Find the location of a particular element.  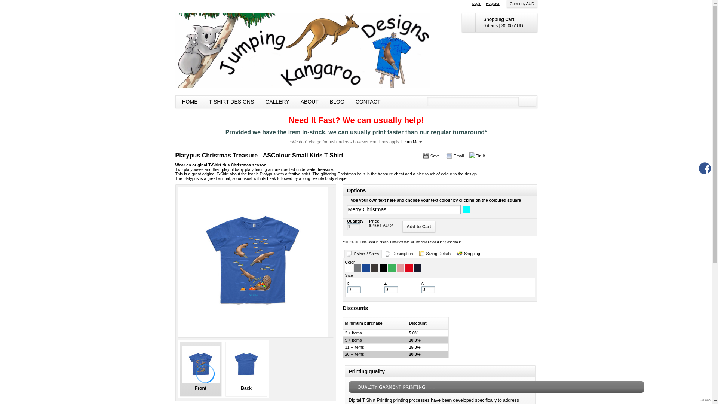

'Red' is located at coordinates (409, 268).